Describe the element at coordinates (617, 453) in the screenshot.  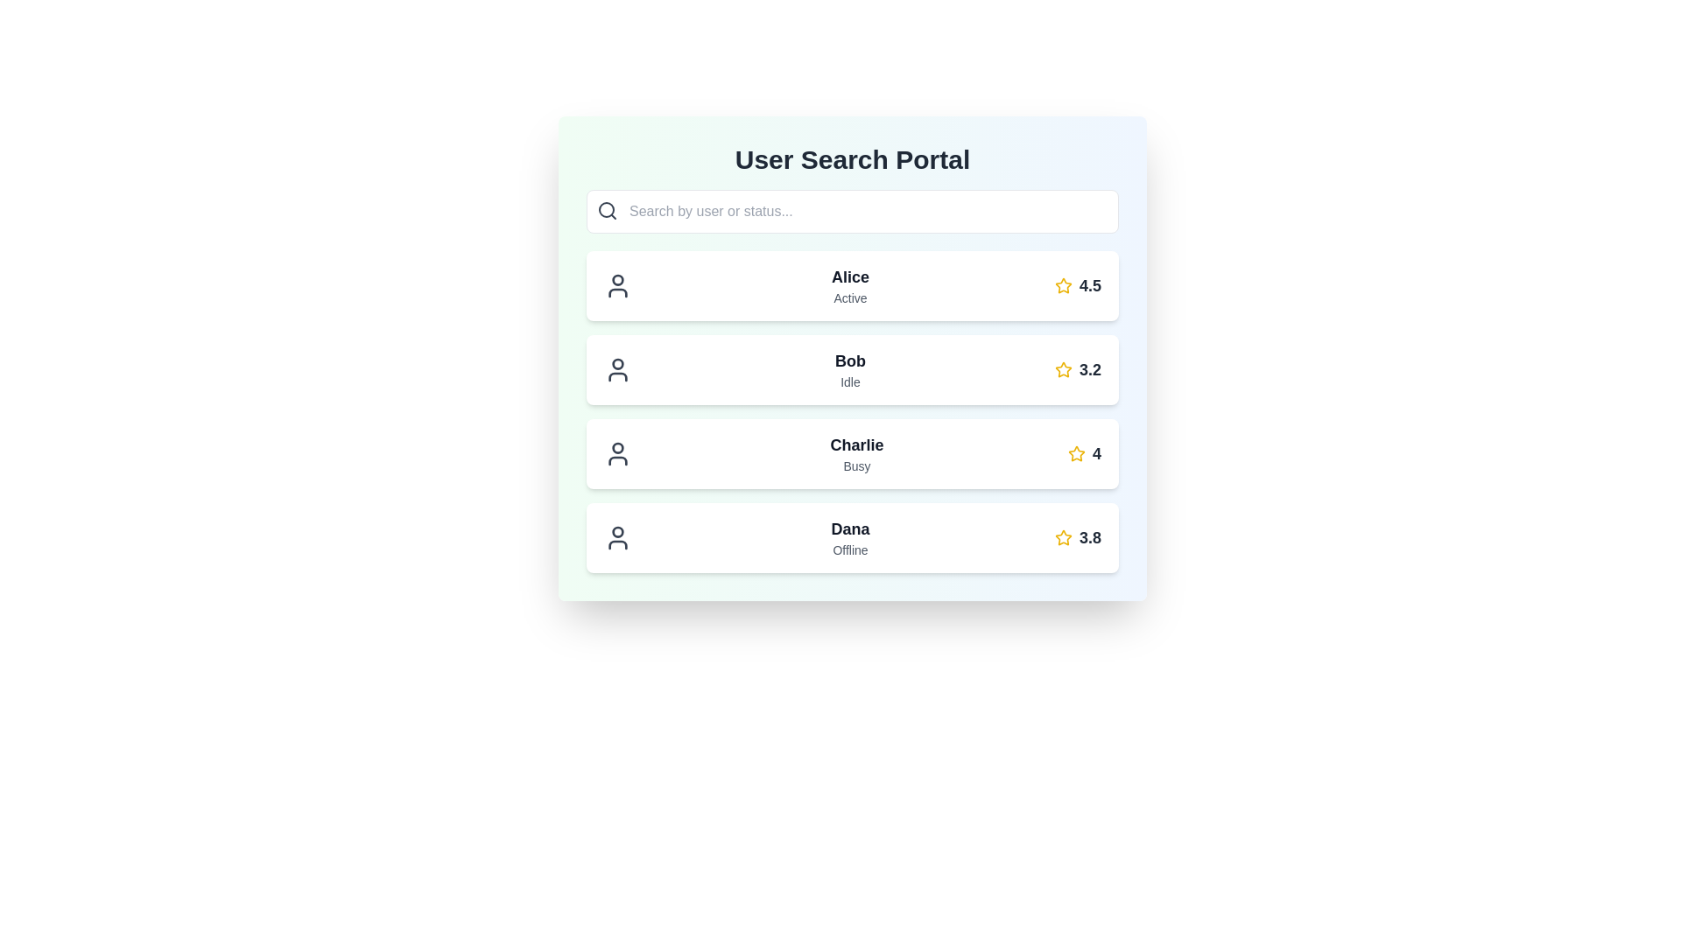
I see `the user icon for 'Charlie', which is a stylized gray outline of a person located in the third entry of the user profiles list, between 'Bob' and 'Dana'` at that location.